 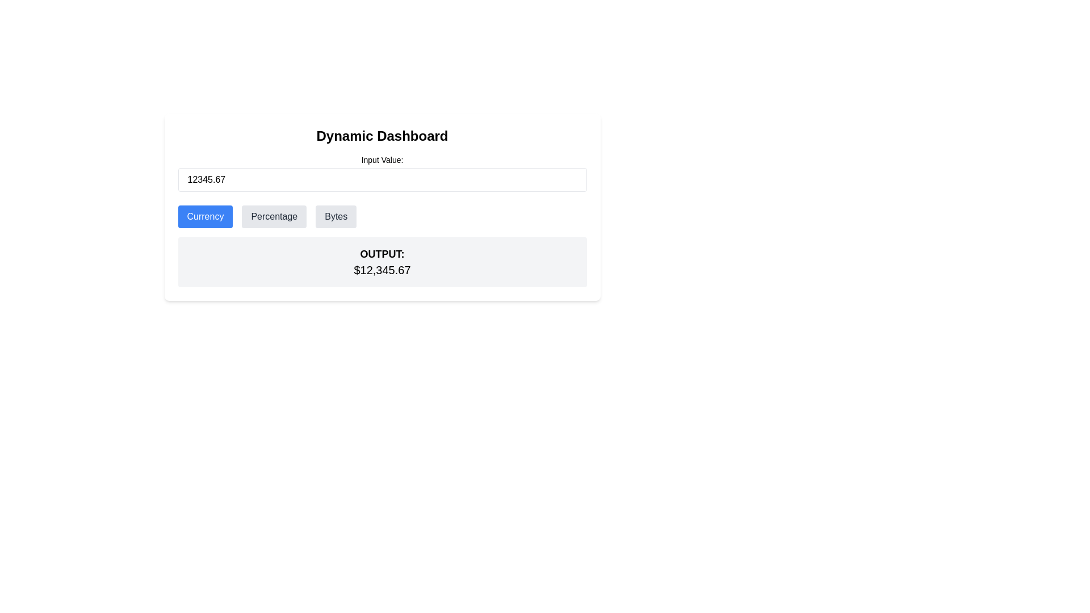 I want to click on the bold text label reading 'Dynamic Dashboard', which serves as the heading for the section at the top of the interface, so click(x=382, y=135).